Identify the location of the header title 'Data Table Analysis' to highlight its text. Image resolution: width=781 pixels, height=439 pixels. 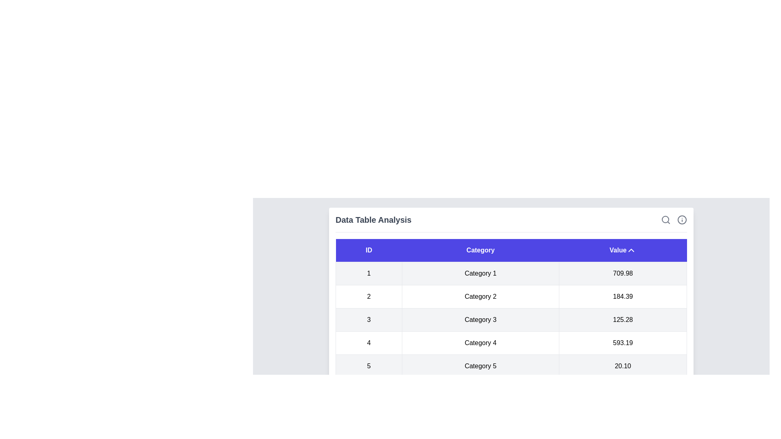
(373, 219).